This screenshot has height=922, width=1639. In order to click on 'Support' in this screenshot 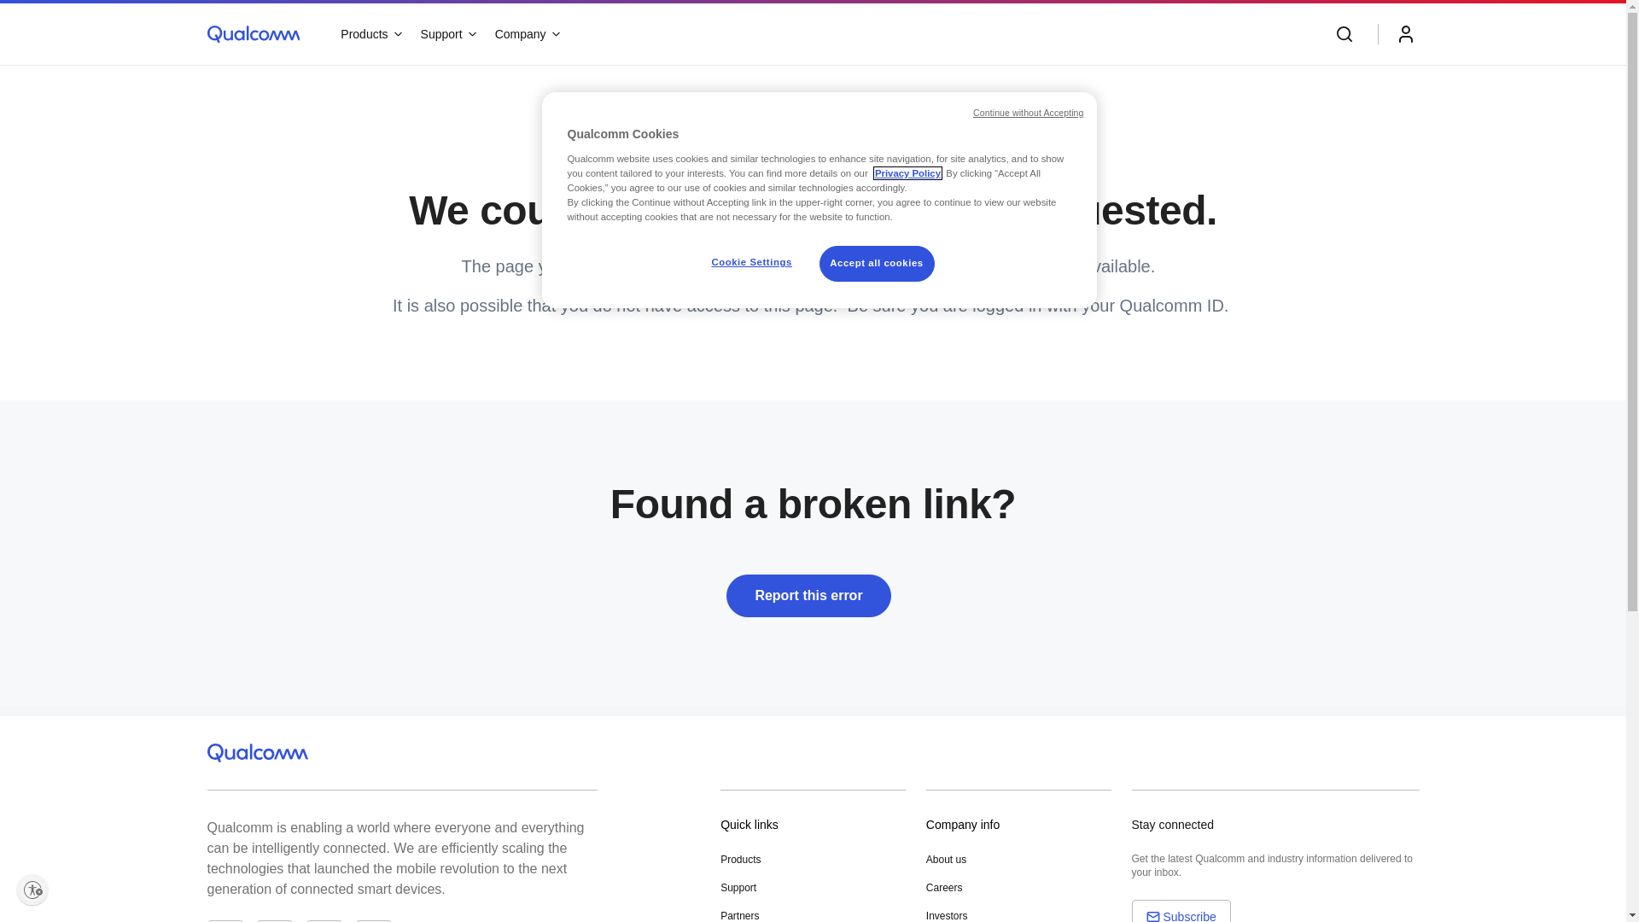, I will do `click(447, 33)`.